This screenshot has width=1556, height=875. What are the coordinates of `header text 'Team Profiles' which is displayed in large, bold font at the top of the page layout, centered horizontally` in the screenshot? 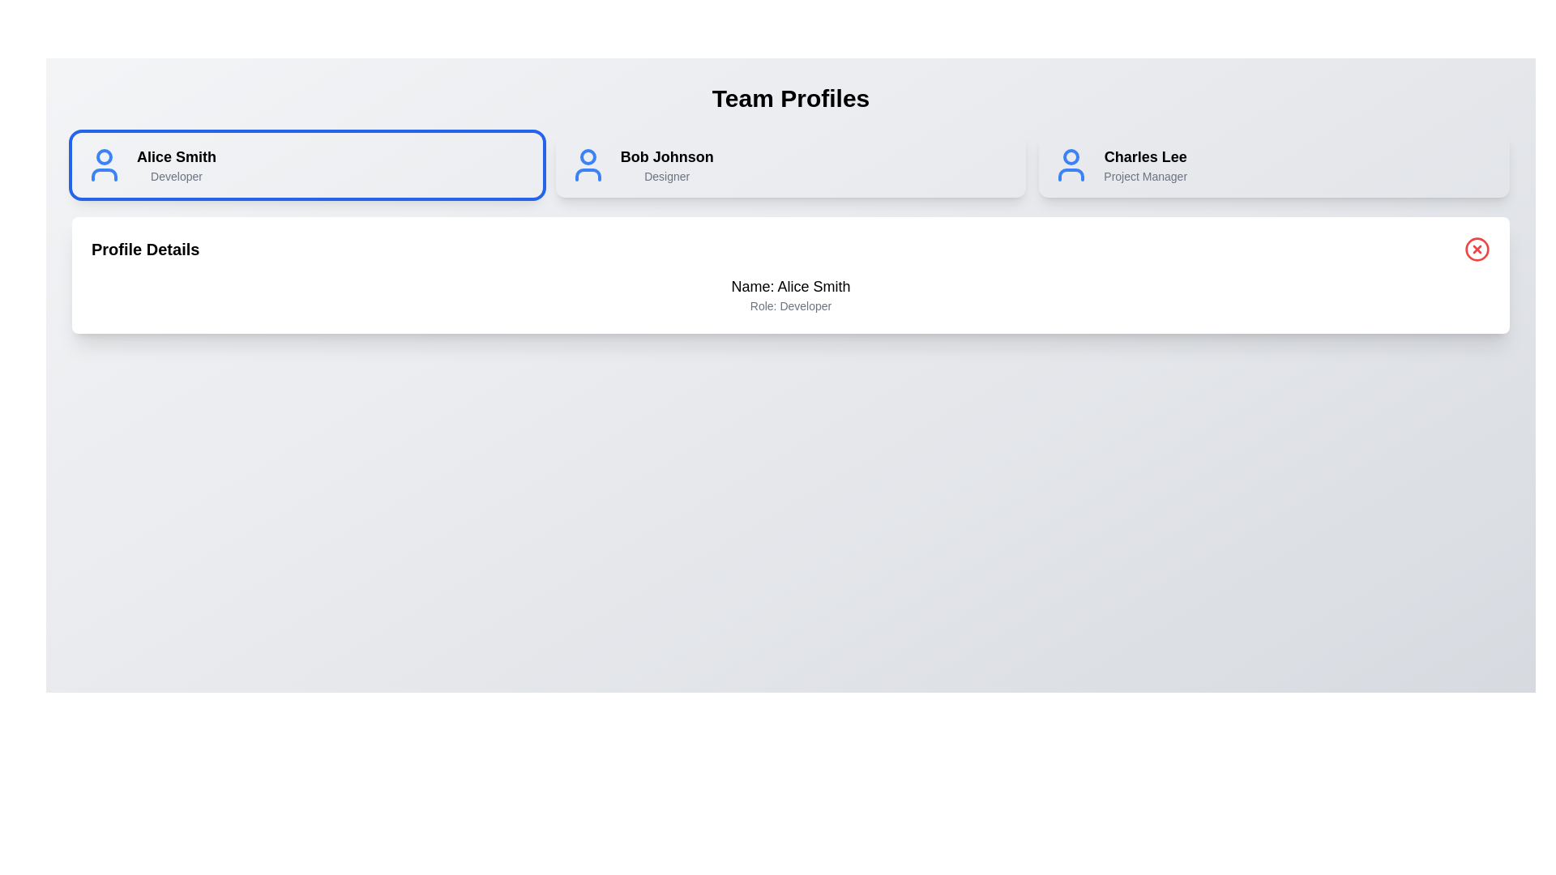 It's located at (790, 99).